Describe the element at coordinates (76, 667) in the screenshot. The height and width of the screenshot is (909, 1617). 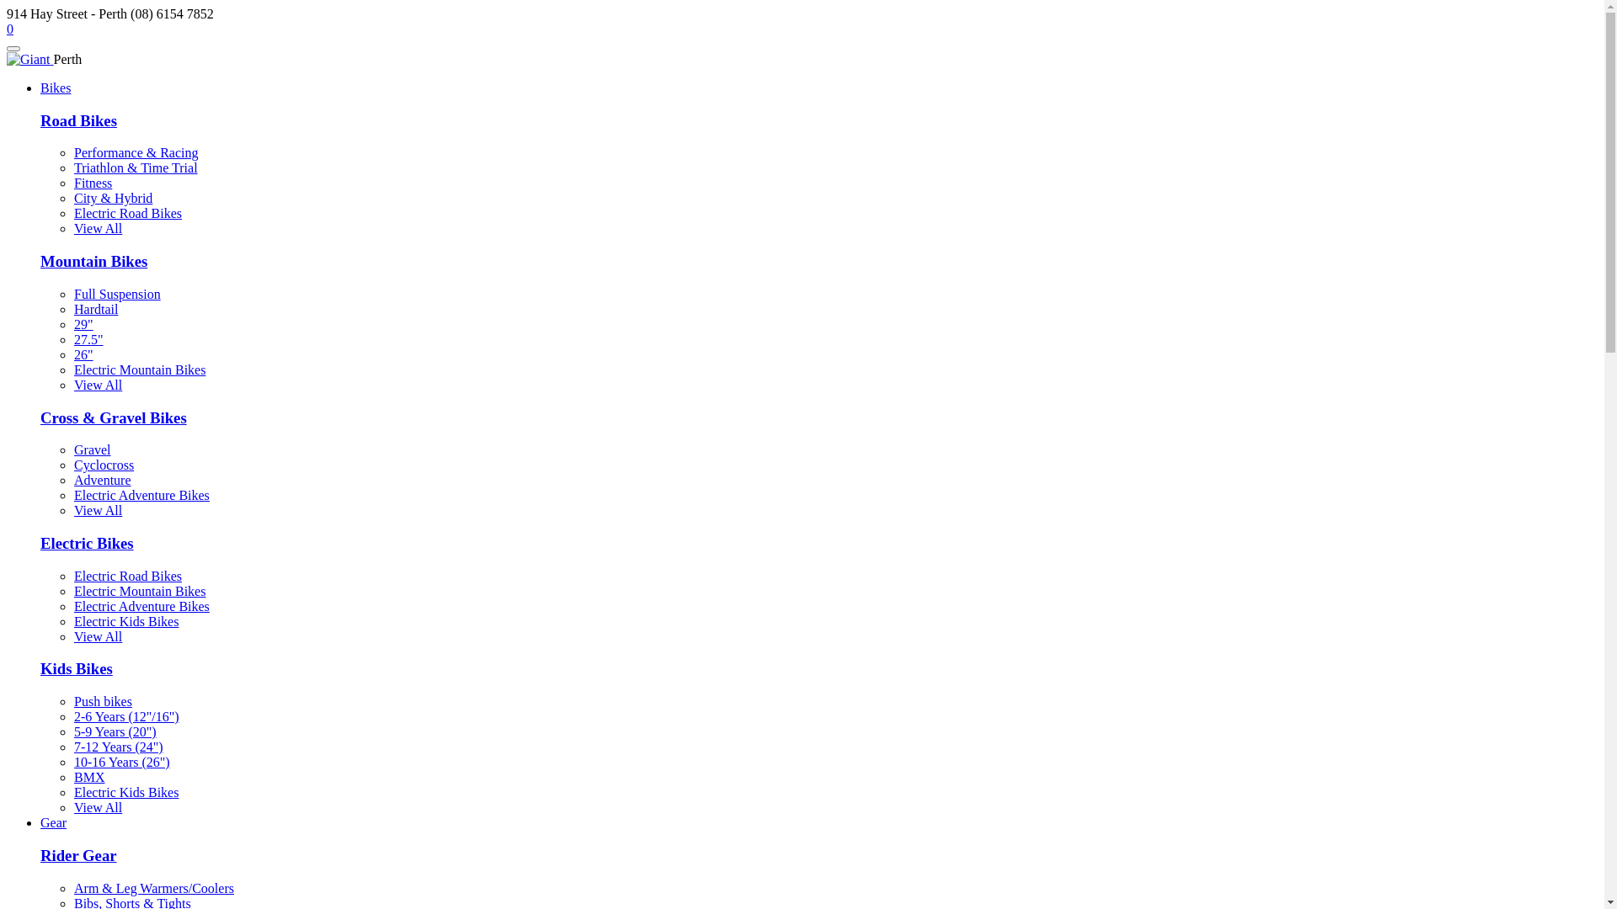
I see `'Kids Bikes'` at that location.